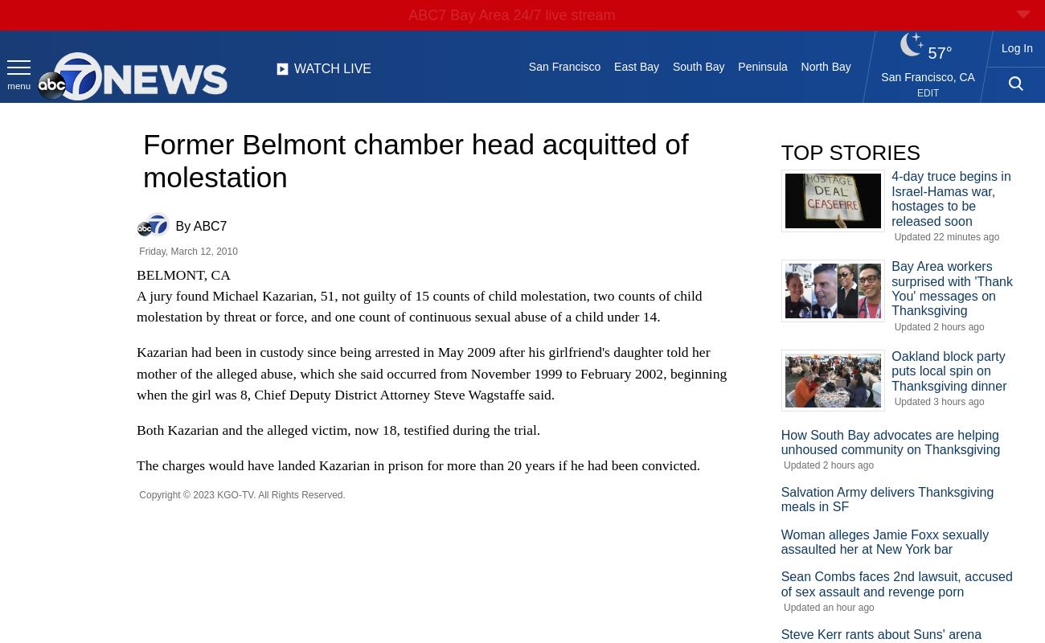 Image resolution: width=1045 pixels, height=643 pixels. I want to click on 'EDIT', so click(928, 92).